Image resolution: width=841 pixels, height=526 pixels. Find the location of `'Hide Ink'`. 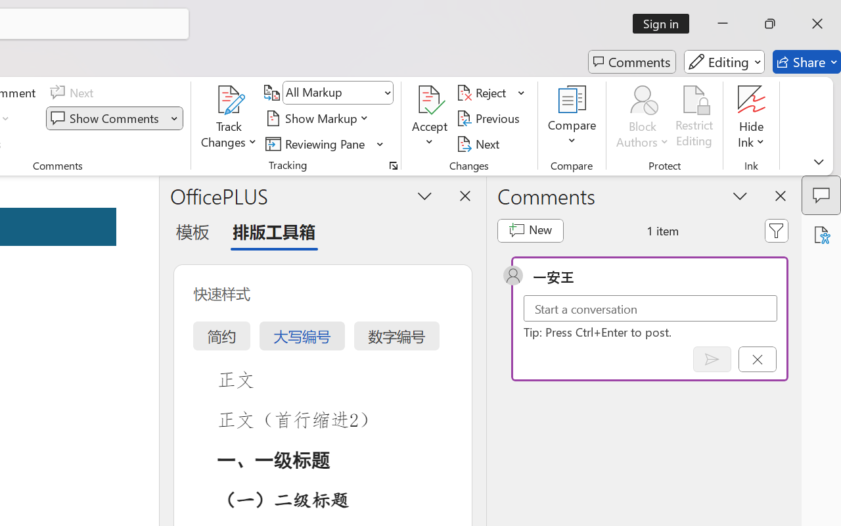

'Hide Ink' is located at coordinates (752, 118).